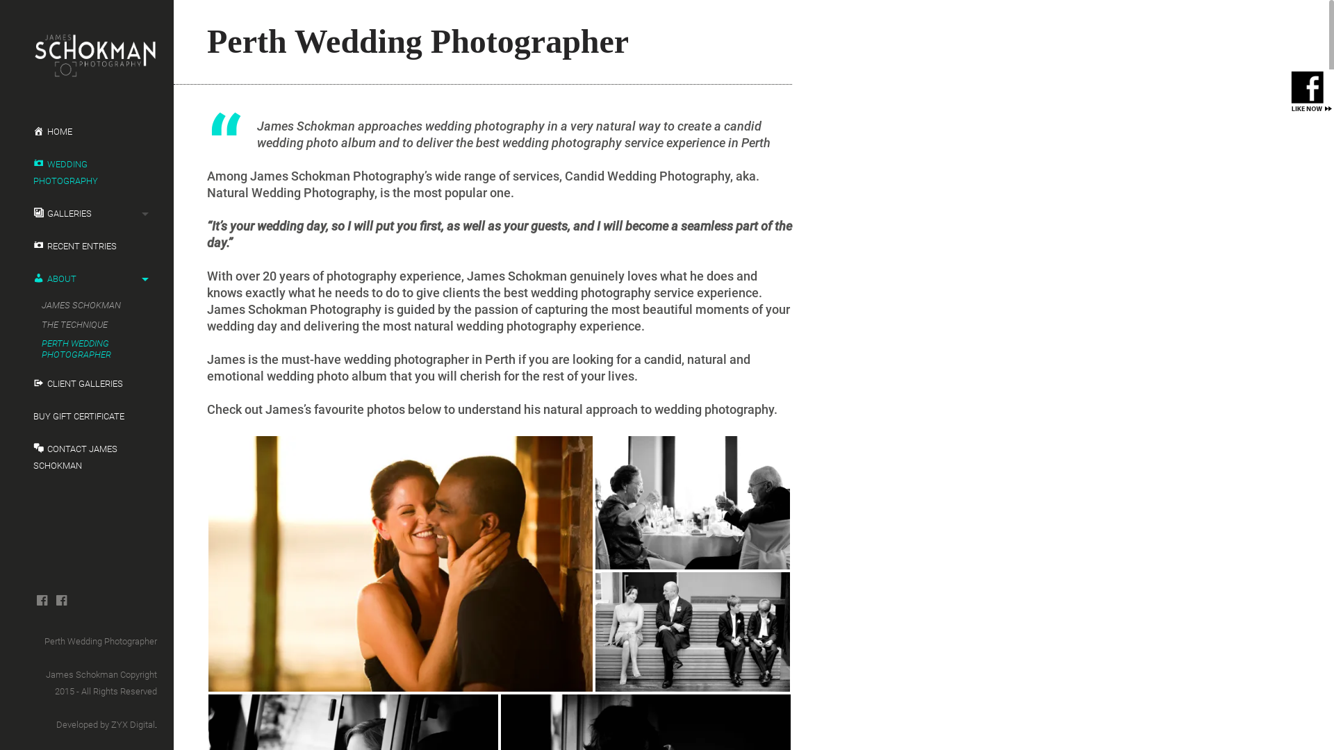 This screenshot has height=750, width=1334. What do you see at coordinates (400, 564) in the screenshot?
I see `'James_schokman_photography_engagement--5'` at bounding box center [400, 564].